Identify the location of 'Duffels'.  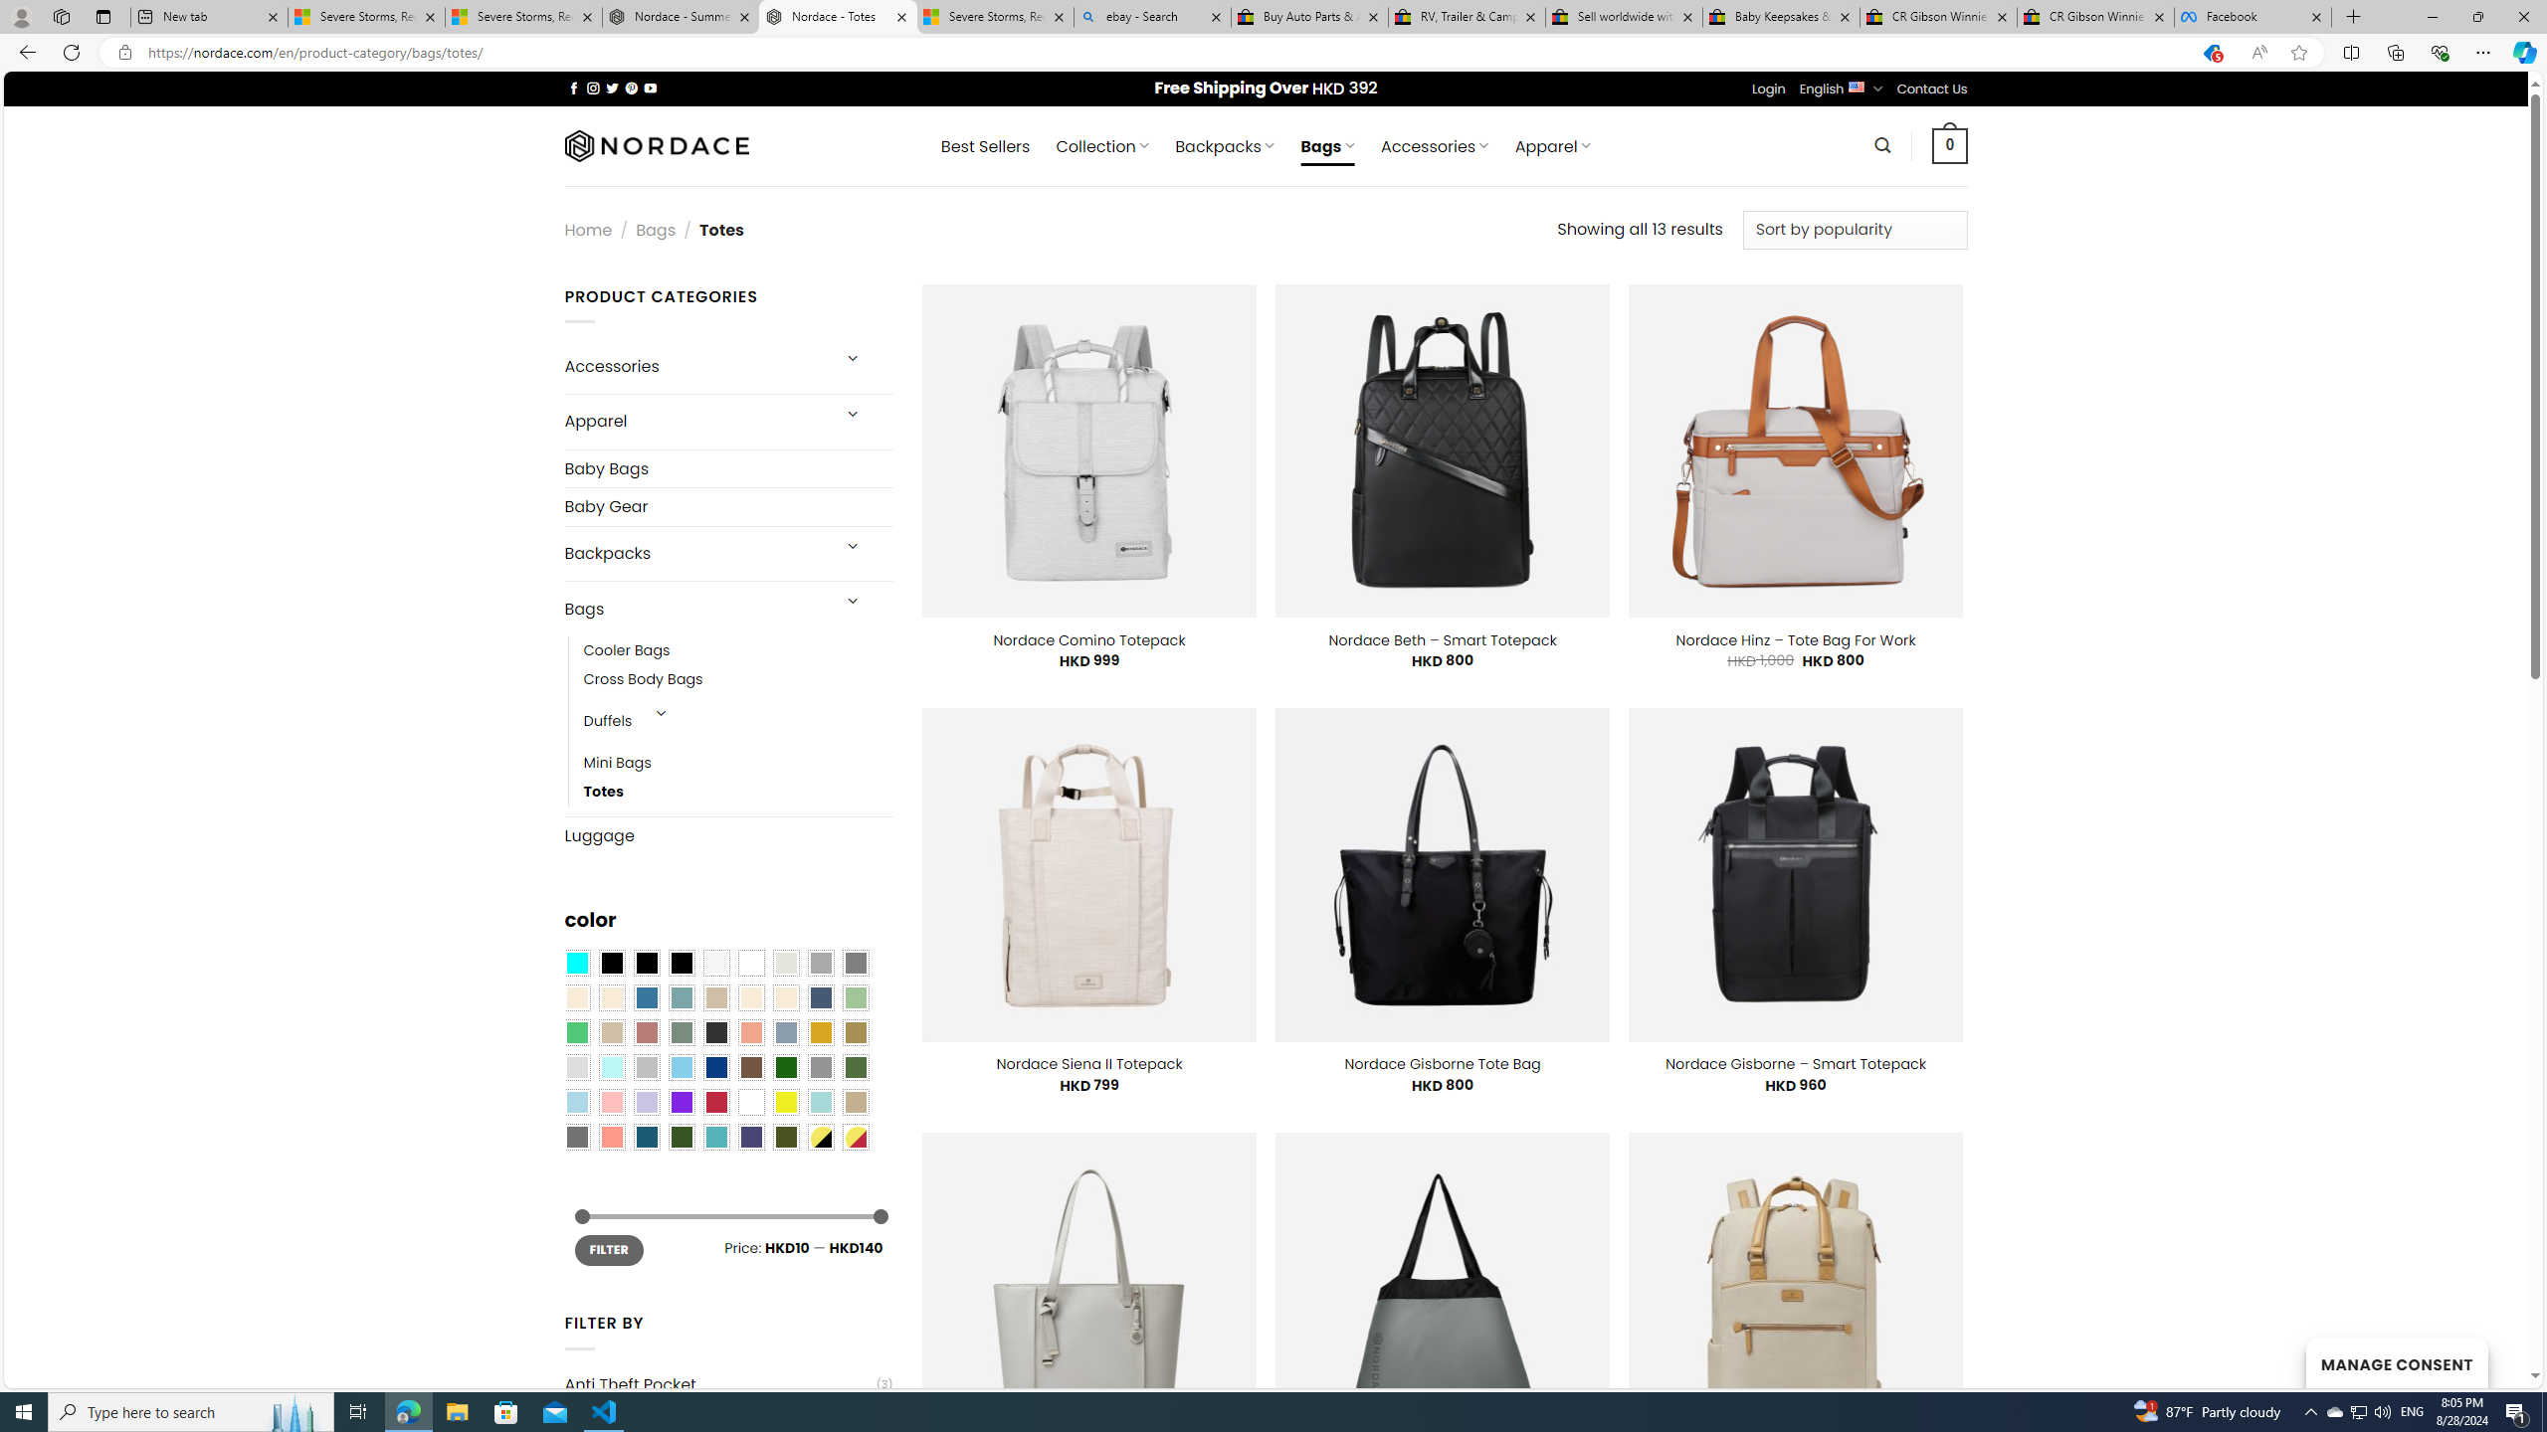
(607, 721).